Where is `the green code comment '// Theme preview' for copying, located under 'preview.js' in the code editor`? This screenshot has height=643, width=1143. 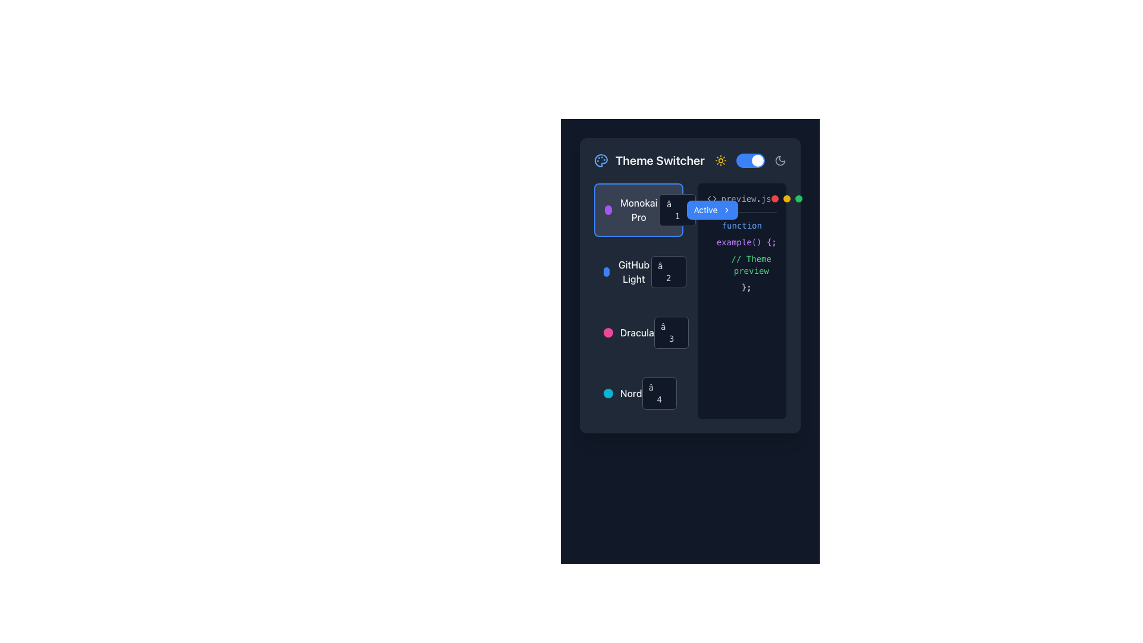 the green code comment '// Theme preview' for copying, located under 'preview.js' in the code editor is located at coordinates (741, 264).